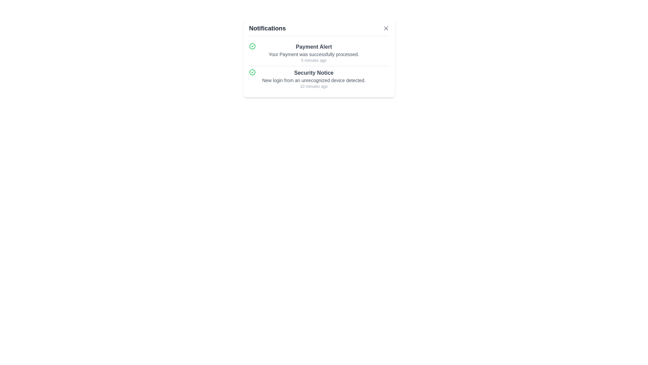  I want to click on the title label of the second notification in the vertical list, which categorizes and summarizes the notification's content, so click(314, 73).